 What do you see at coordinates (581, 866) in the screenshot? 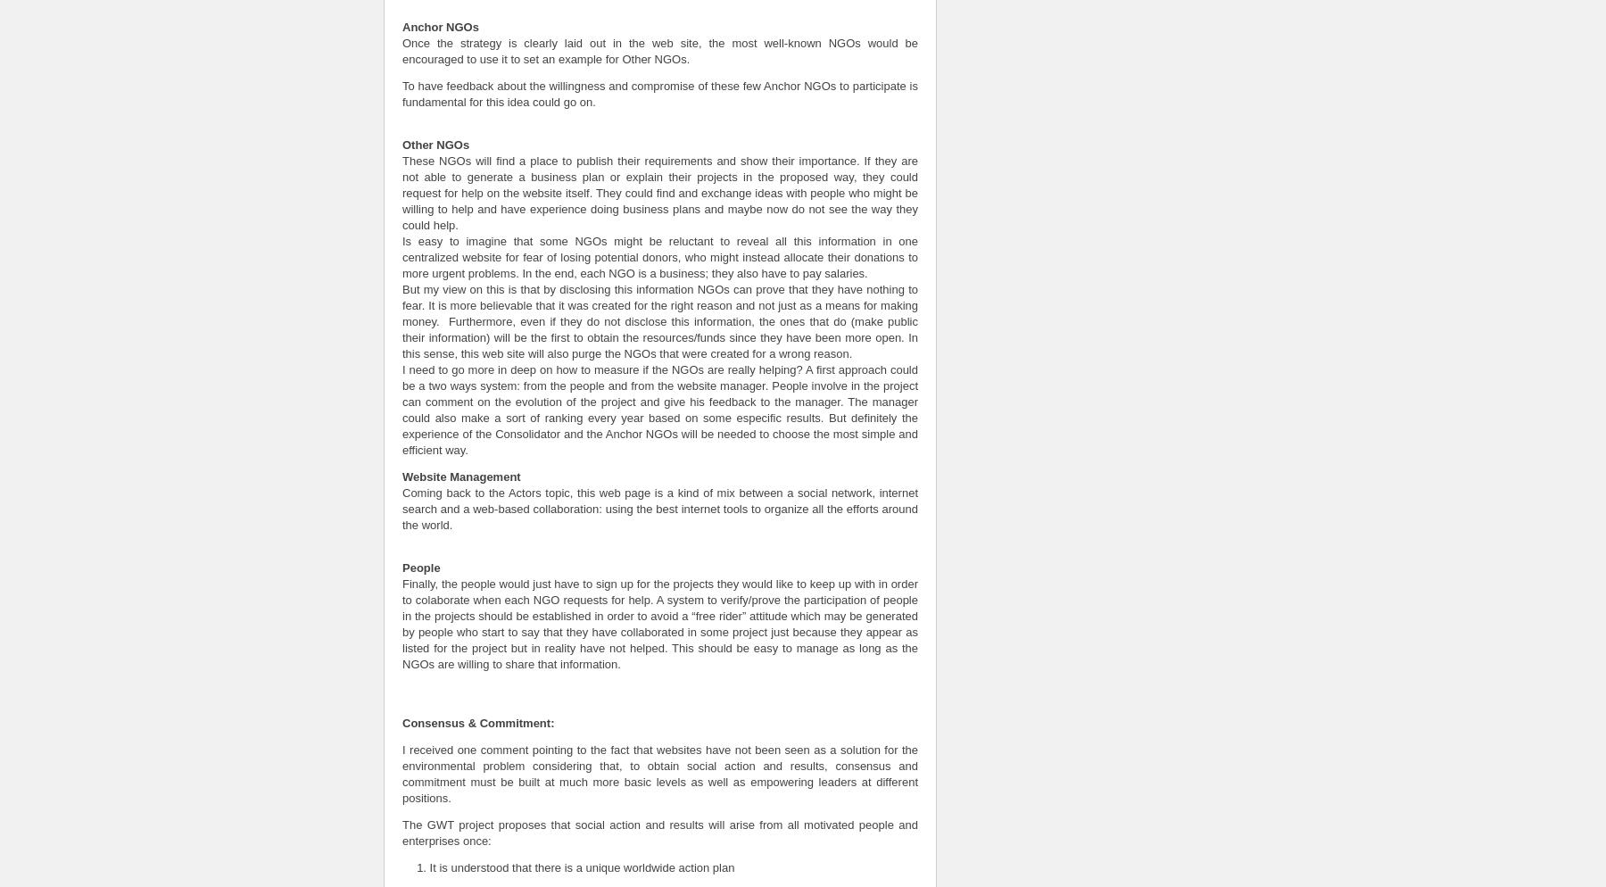
I see `'It is understood that there is a unique worldwide action plan'` at bounding box center [581, 866].